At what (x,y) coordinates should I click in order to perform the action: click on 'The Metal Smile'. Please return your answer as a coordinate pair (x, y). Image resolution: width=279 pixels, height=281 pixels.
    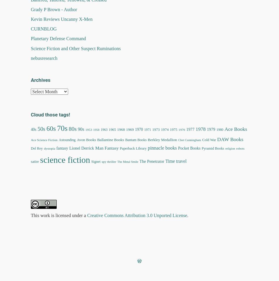
    Looking at the image, I should click on (127, 161).